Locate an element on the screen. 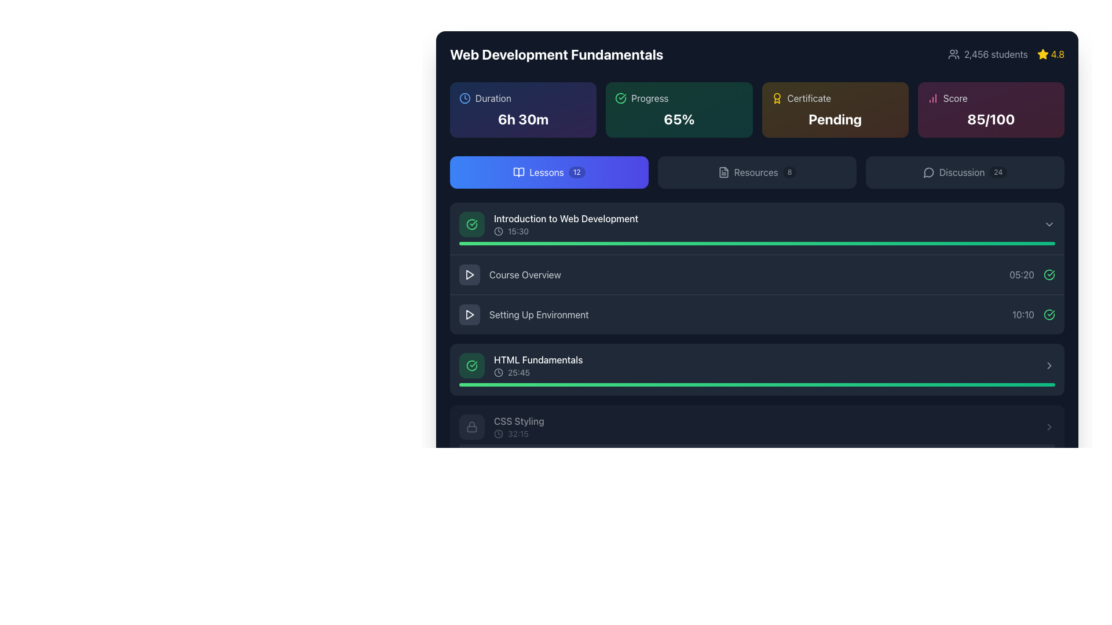  the chevron icon located to the far right of the 'Introduction to Web Development' list item is located at coordinates (1049, 225).